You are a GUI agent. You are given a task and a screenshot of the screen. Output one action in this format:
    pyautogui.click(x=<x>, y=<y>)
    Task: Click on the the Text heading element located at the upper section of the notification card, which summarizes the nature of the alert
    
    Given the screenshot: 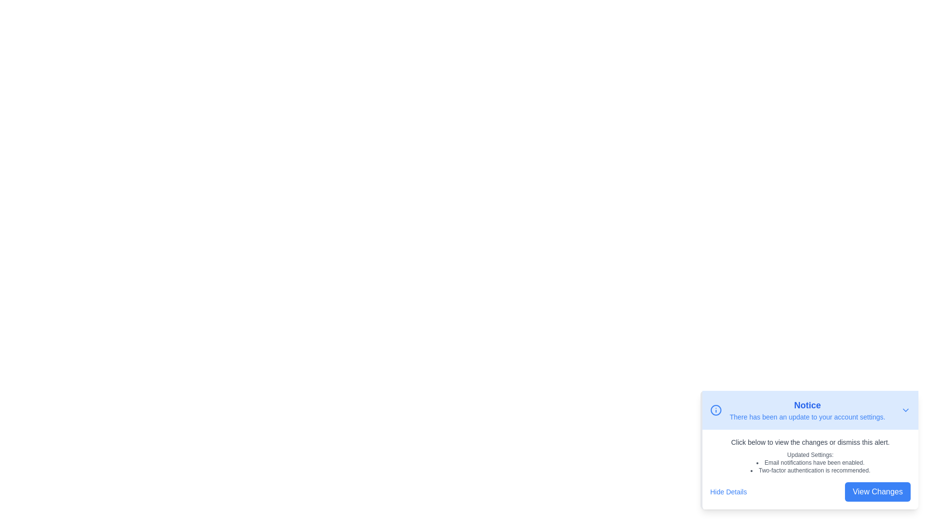 What is the action you would take?
    pyautogui.click(x=808, y=405)
    